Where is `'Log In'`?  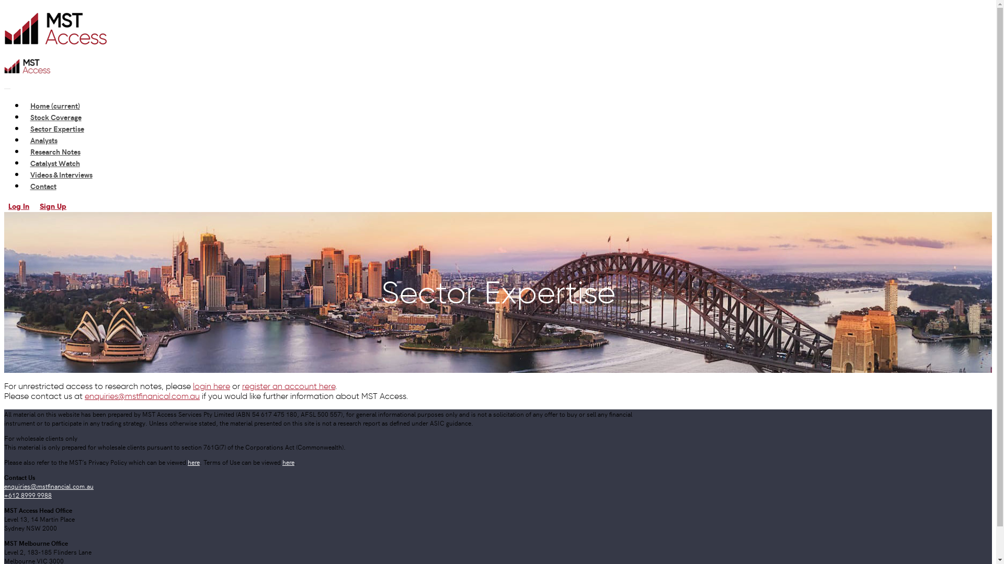
'Log In' is located at coordinates (4, 206).